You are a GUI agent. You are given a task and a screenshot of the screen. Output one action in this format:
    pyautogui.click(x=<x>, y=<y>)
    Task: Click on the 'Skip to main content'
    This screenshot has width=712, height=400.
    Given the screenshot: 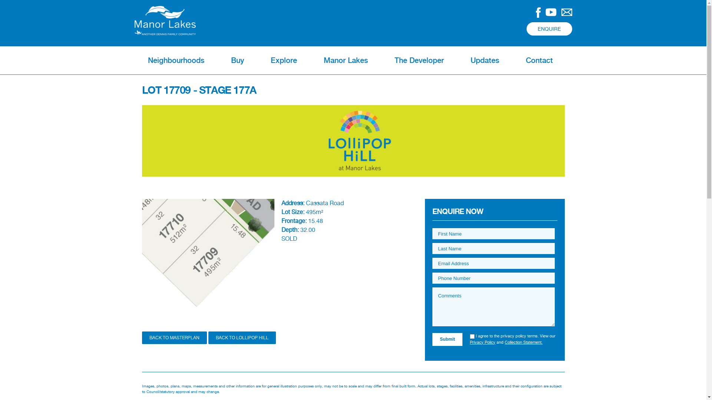 What is the action you would take?
    pyautogui.click(x=327, y=1)
    